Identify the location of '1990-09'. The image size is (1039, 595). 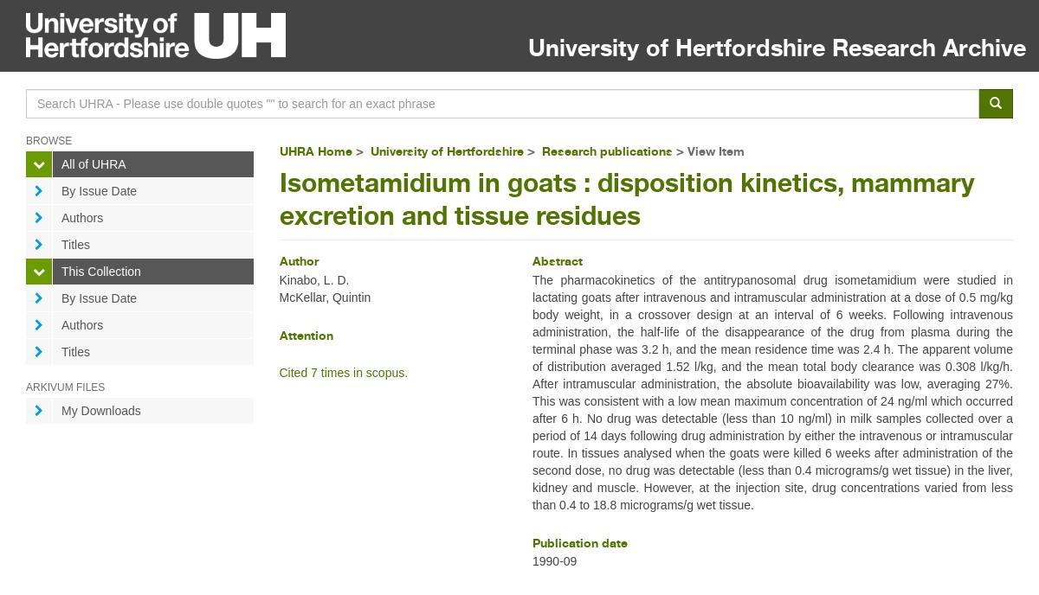
(553, 560).